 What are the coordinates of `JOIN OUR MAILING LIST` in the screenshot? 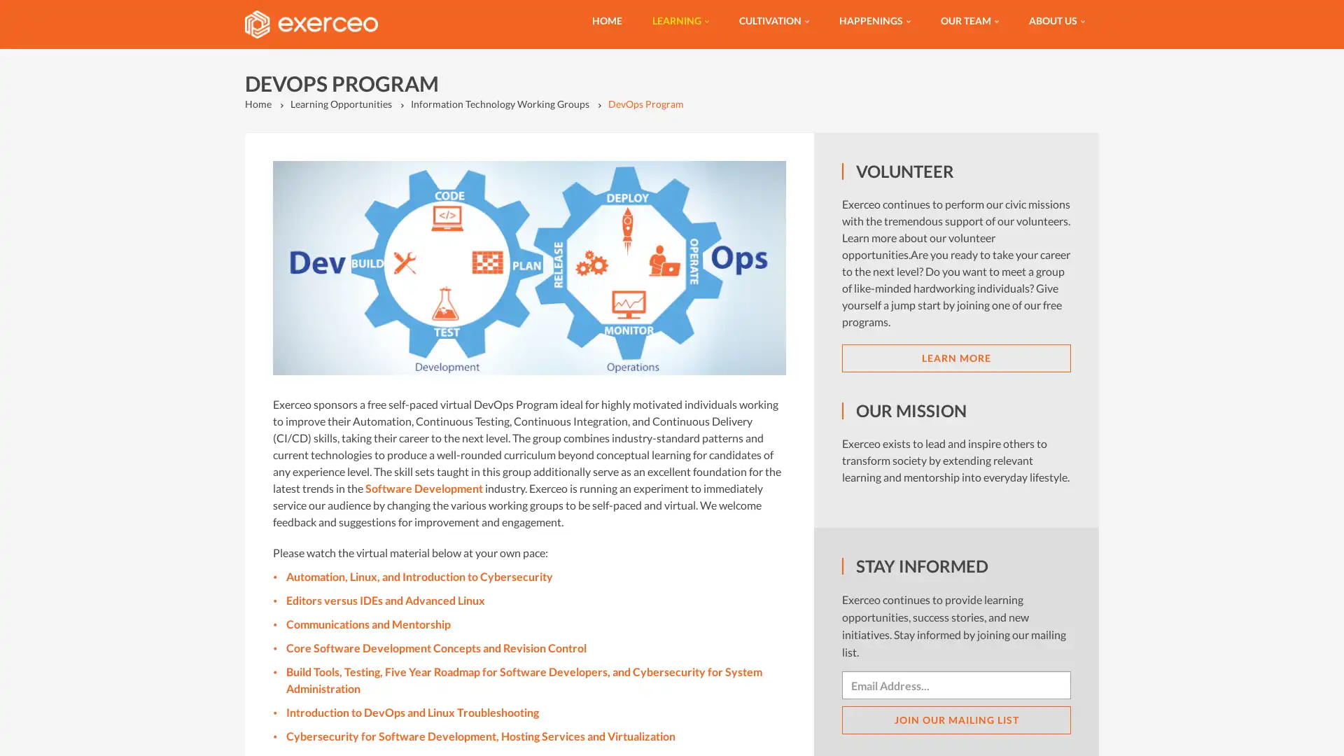 It's located at (955, 720).